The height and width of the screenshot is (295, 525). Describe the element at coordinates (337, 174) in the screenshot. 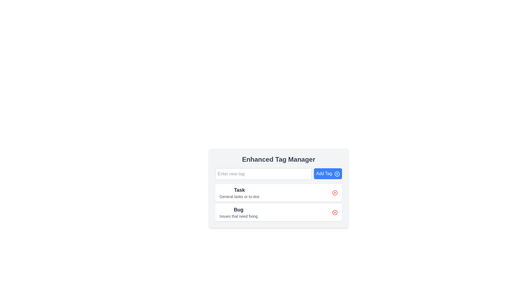

I see `the circular component of the '+' icon that symbolizes the ability to add or create a new tag, located at the right side of the 'Add Tag' button in the Enhanced Tag Manager interface` at that location.